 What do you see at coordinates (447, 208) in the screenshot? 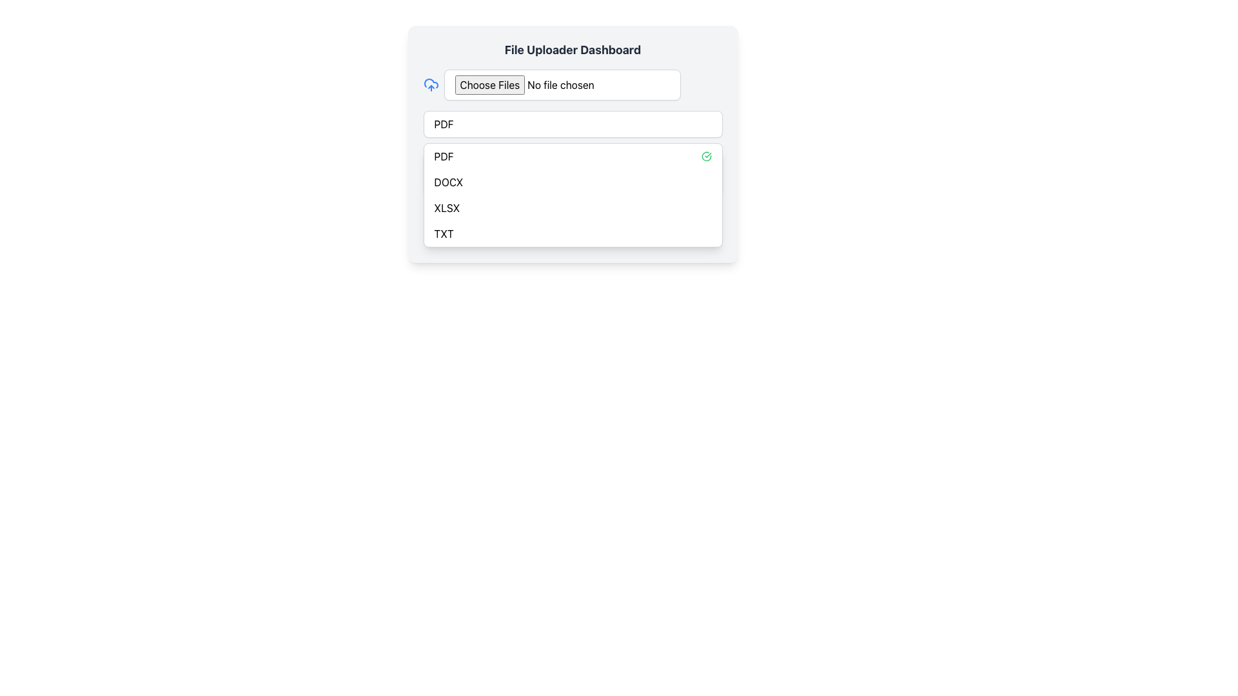
I see `the text label for the XLSX option in the dropdown list under the file uploader interface` at bounding box center [447, 208].